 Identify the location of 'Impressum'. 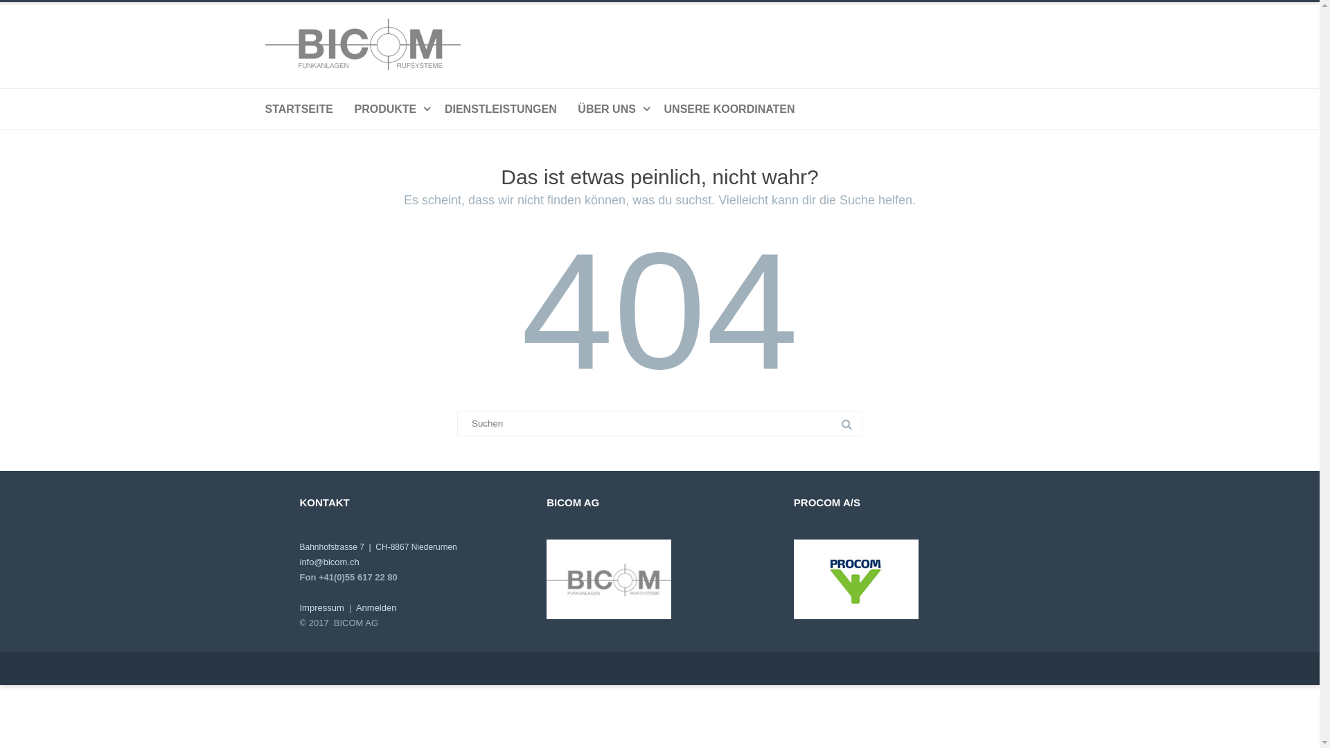
(321, 607).